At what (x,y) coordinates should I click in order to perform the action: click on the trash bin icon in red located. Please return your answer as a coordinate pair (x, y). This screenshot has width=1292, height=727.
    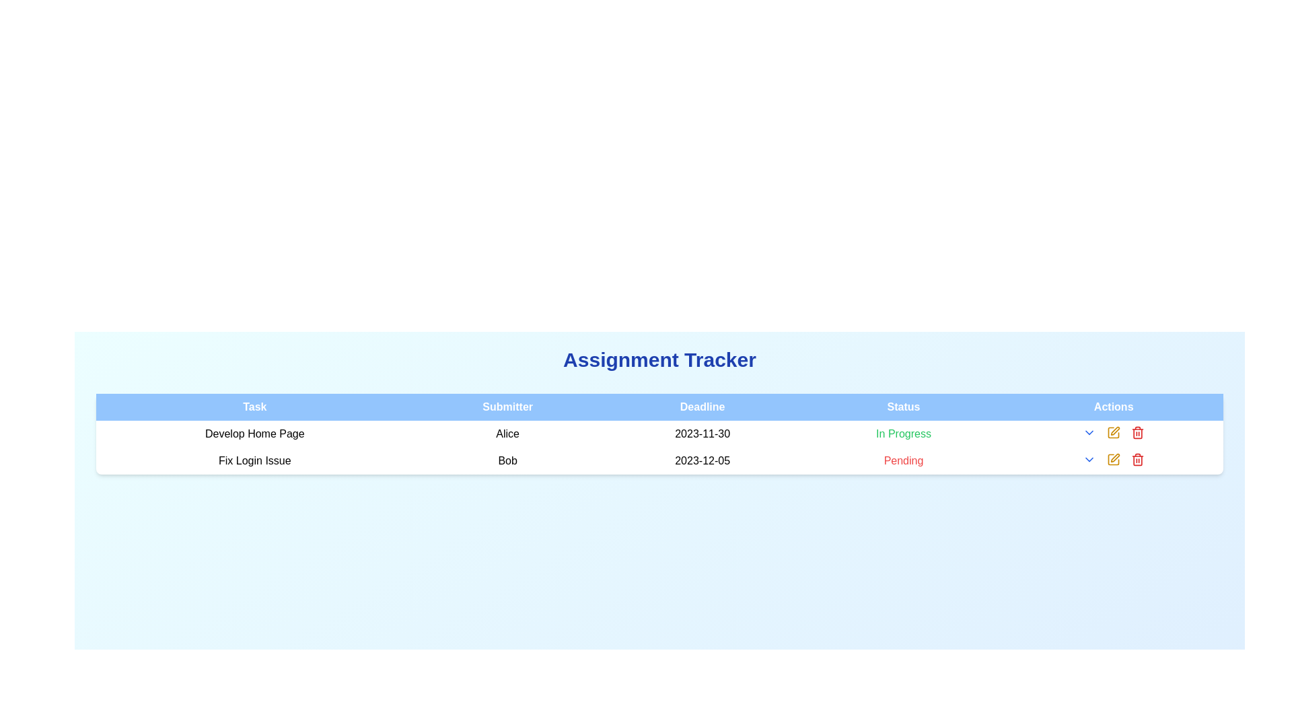
    Looking at the image, I should click on (1137, 433).